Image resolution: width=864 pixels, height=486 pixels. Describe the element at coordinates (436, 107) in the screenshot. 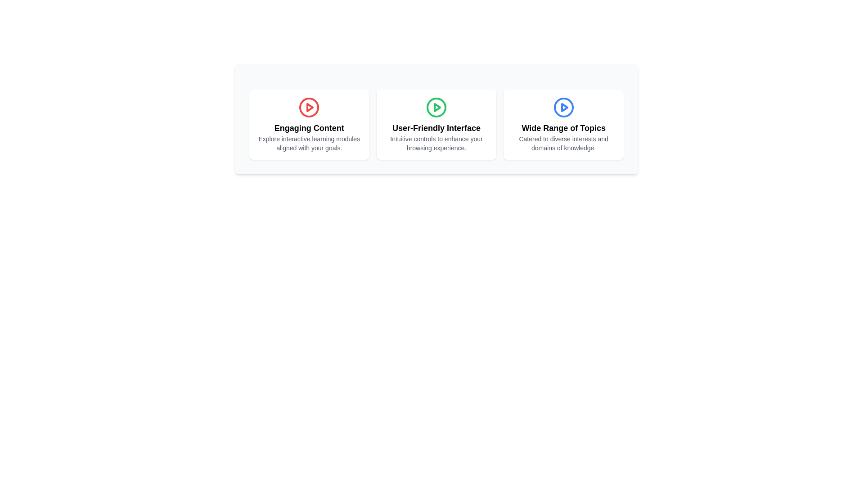

I see `the circular border within the green play icon, which is part of a user-friendly interface SVG graphic` at that location.